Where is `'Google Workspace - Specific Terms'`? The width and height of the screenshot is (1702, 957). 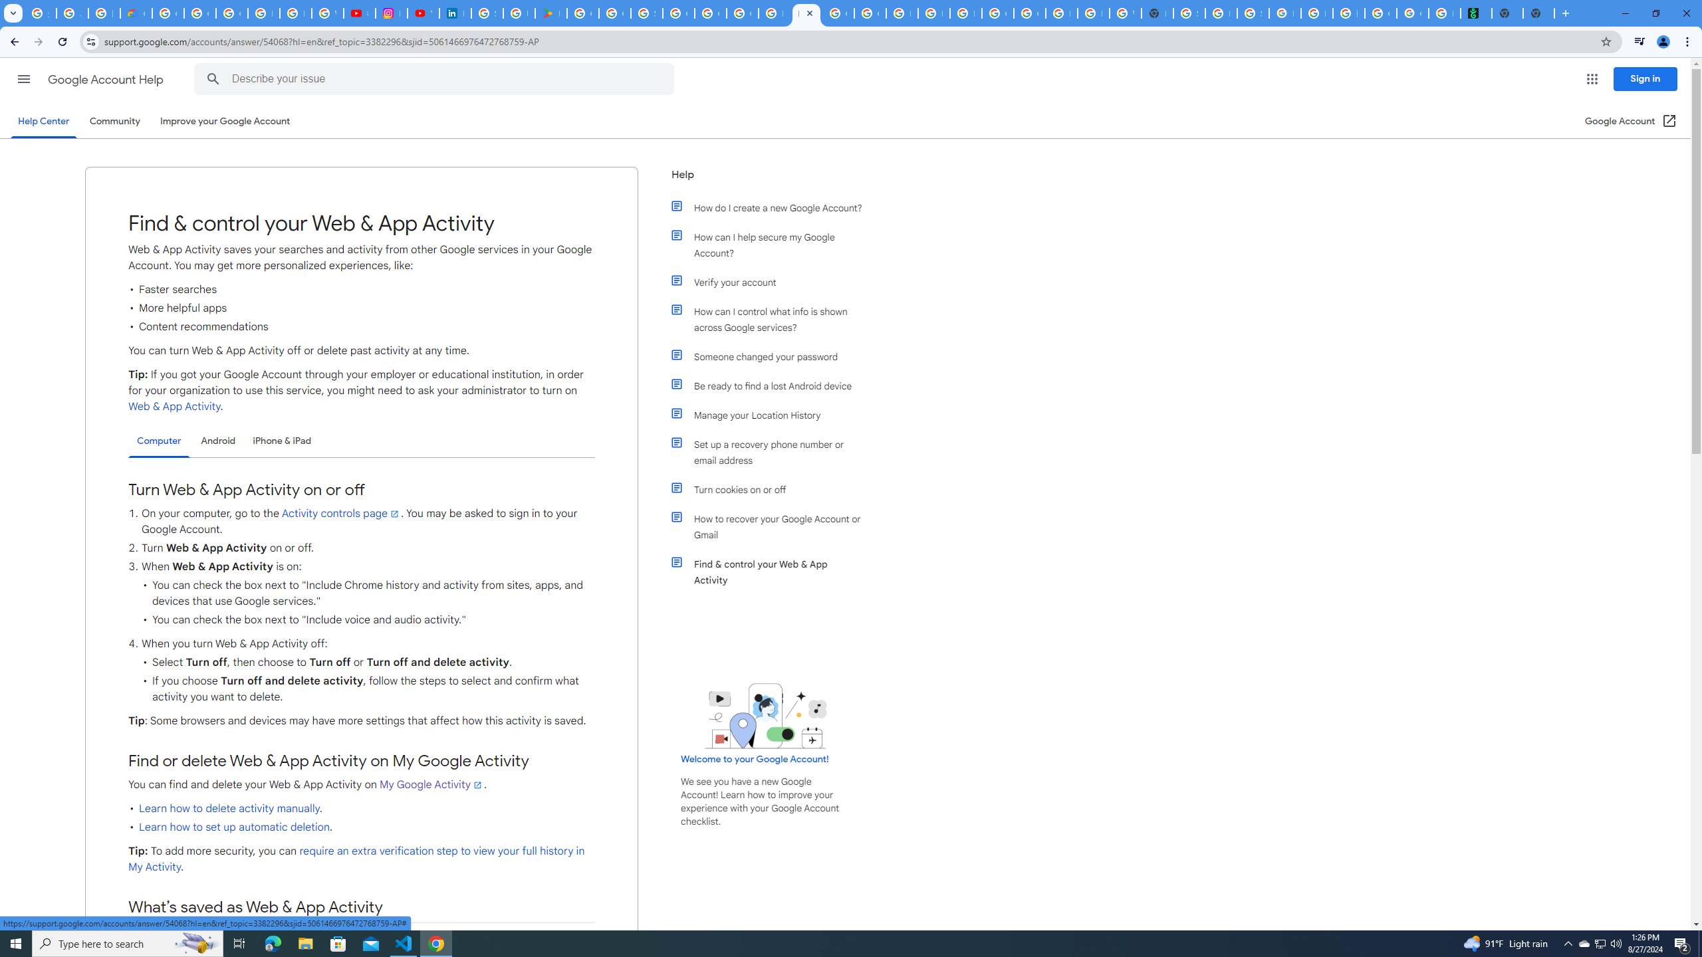 'Google Workspace - Specific Terms' is located at coordinates (614, 13).